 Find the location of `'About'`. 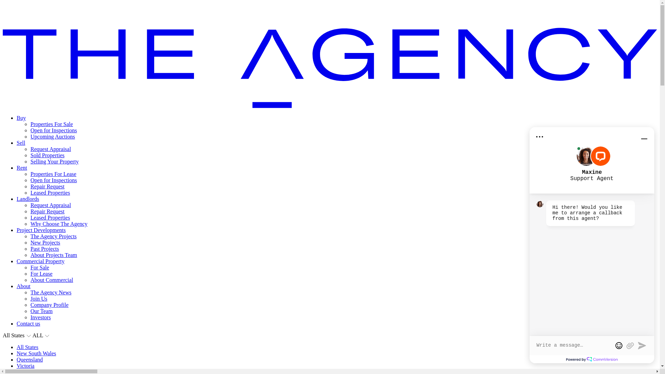

'About' is located at coordinates (23, 286).